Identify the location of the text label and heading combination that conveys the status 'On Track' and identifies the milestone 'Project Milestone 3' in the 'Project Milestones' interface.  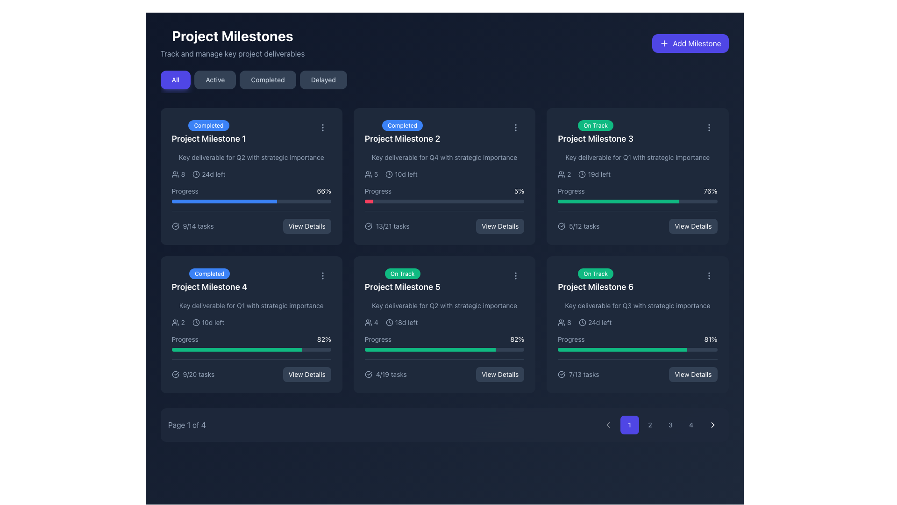
(595, 132).